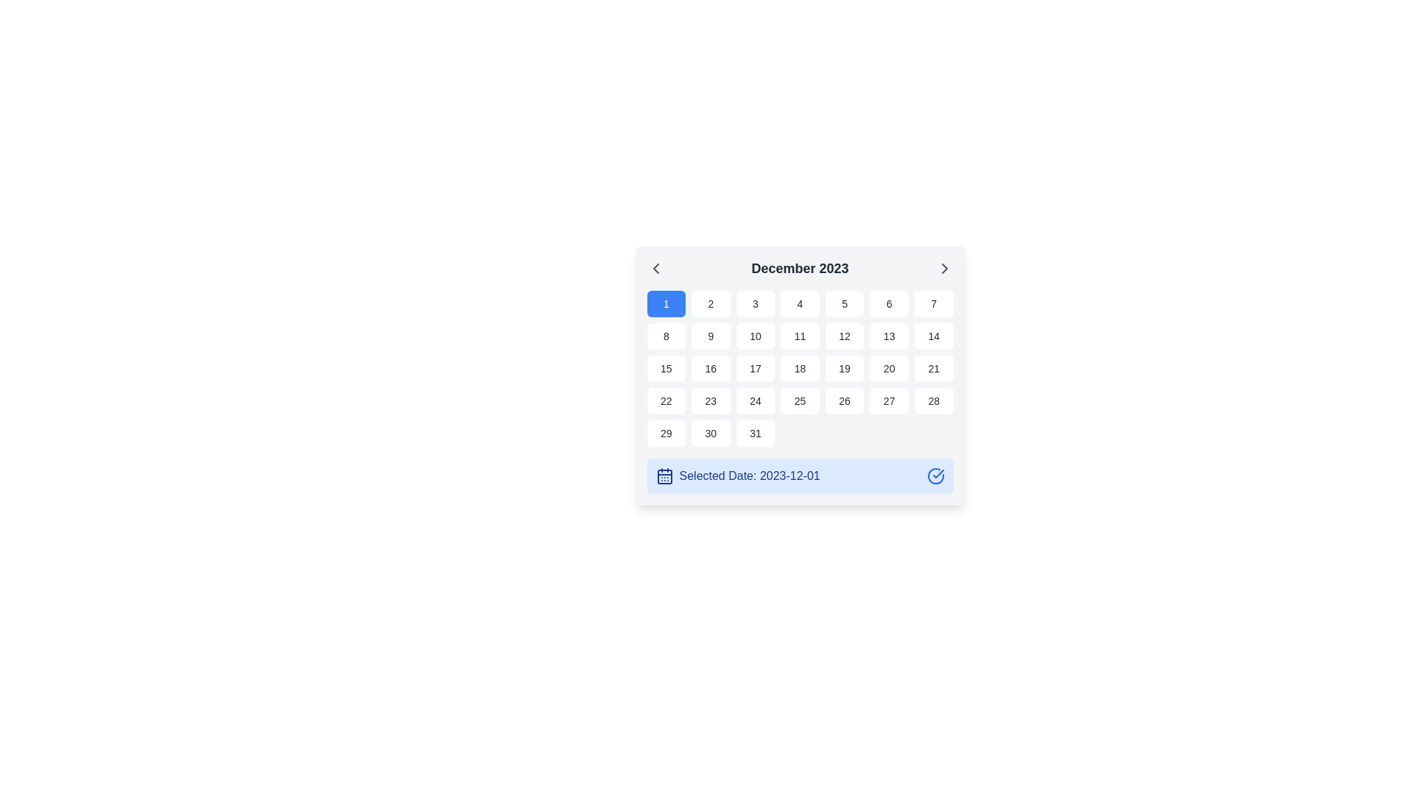 This screenshot has width=1414, height=795. What do you see at coordinates (665, 433) in the screenshot?
I see `the date selection button for the date '29' in the calendar interface` at bounding box center [665, 433].